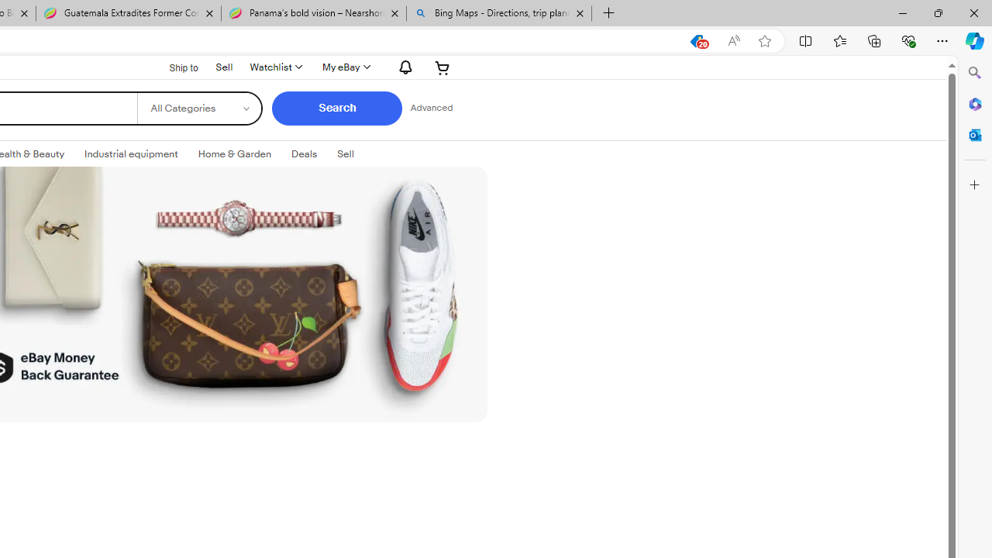 Image resolution: width=992 pixels, height=558 pixels. Describe the element at coordinates (198, 108) in the screenshot. I see `'Select a category for search'` at that location.